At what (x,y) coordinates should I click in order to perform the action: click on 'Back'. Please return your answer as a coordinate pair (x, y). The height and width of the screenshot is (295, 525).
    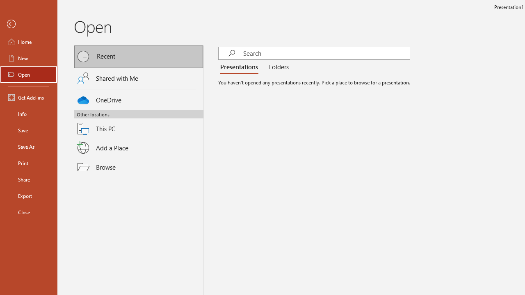
    Looking at the image, I should click on (28, 24).